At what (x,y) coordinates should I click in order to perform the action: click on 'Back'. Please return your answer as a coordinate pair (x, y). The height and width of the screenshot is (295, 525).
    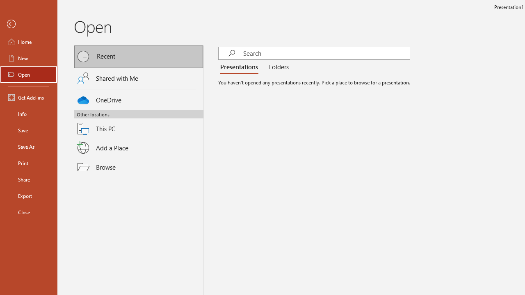
    Looking at the image, I should click on (28, 24).